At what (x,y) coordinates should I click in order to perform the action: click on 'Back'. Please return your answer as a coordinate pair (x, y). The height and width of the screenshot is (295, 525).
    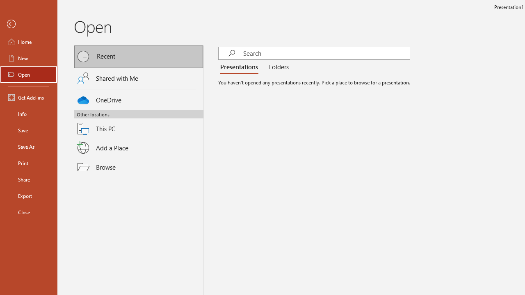
    Looking at the image, I should click on (28, 24).